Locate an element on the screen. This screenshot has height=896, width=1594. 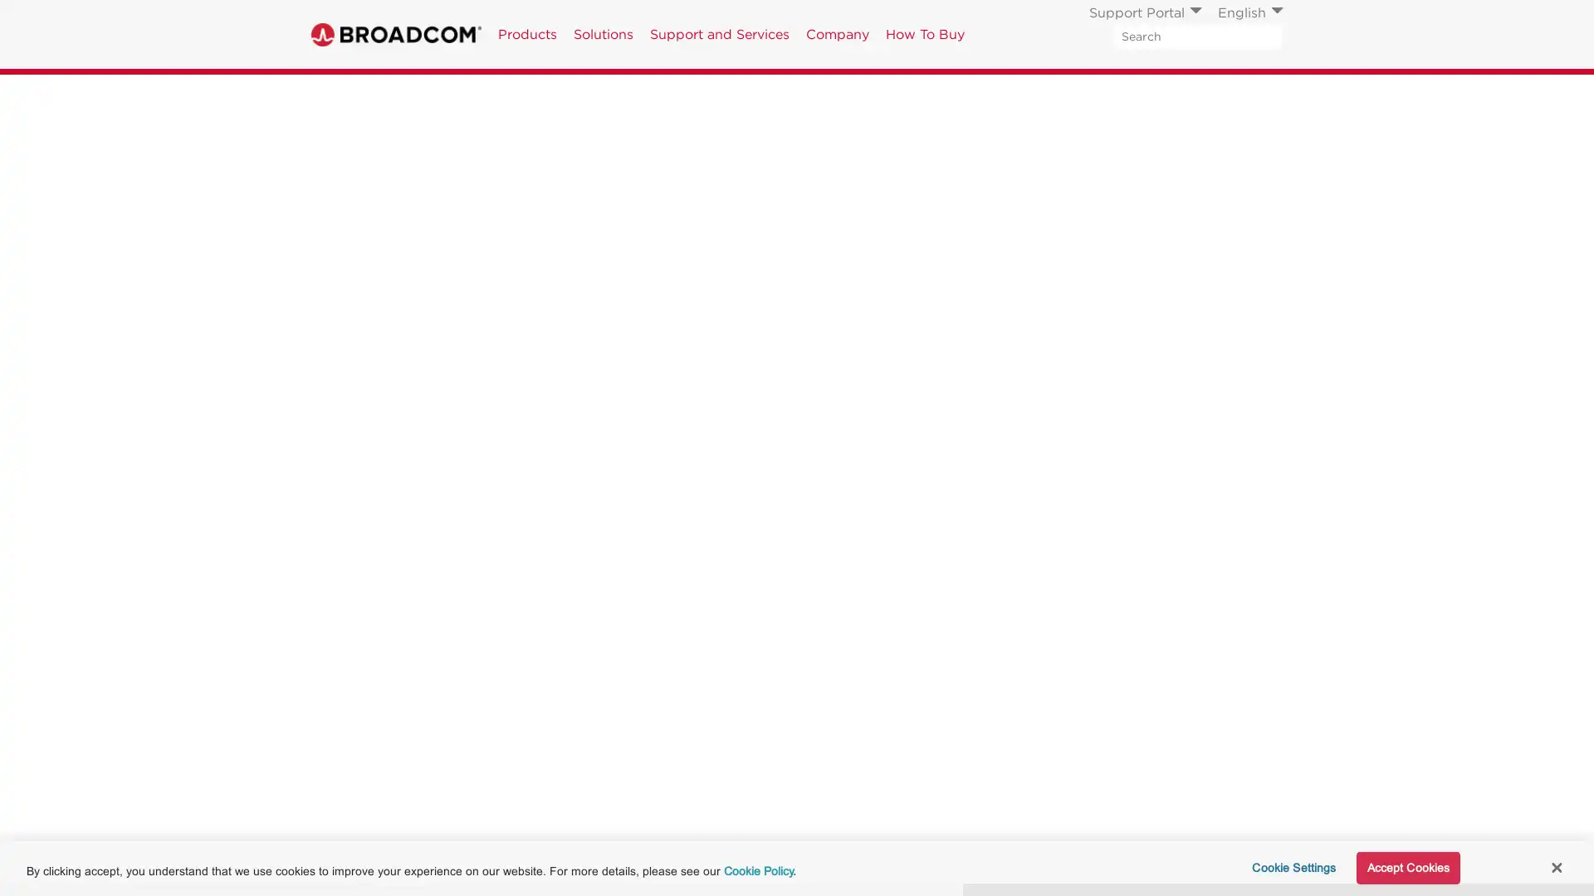
Cookie Settings is located at coordinates (1288, 867).